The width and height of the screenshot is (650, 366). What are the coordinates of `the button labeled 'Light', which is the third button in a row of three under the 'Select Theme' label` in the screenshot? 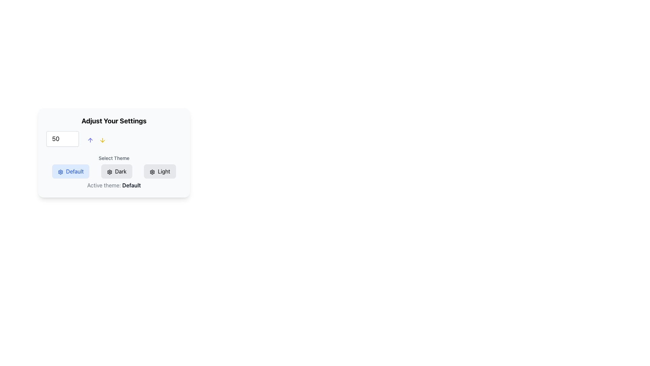 It's located at (159, 171).